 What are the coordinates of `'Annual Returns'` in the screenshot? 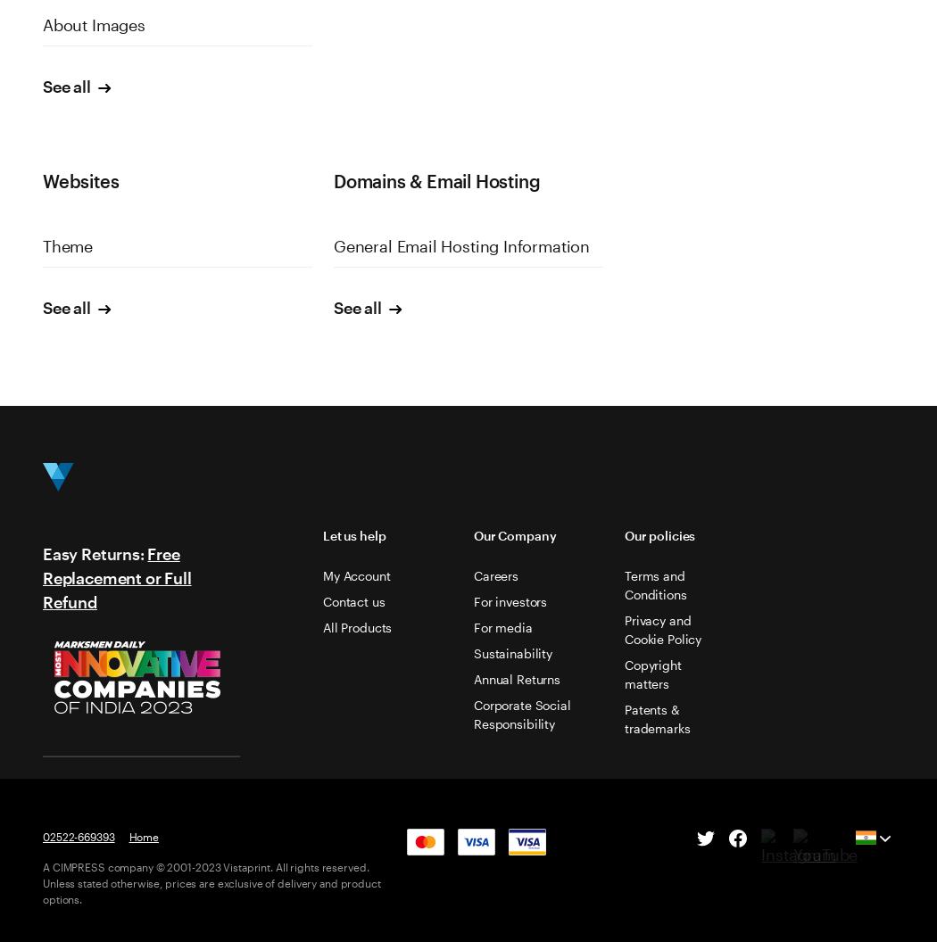 It's located at (515, 678).